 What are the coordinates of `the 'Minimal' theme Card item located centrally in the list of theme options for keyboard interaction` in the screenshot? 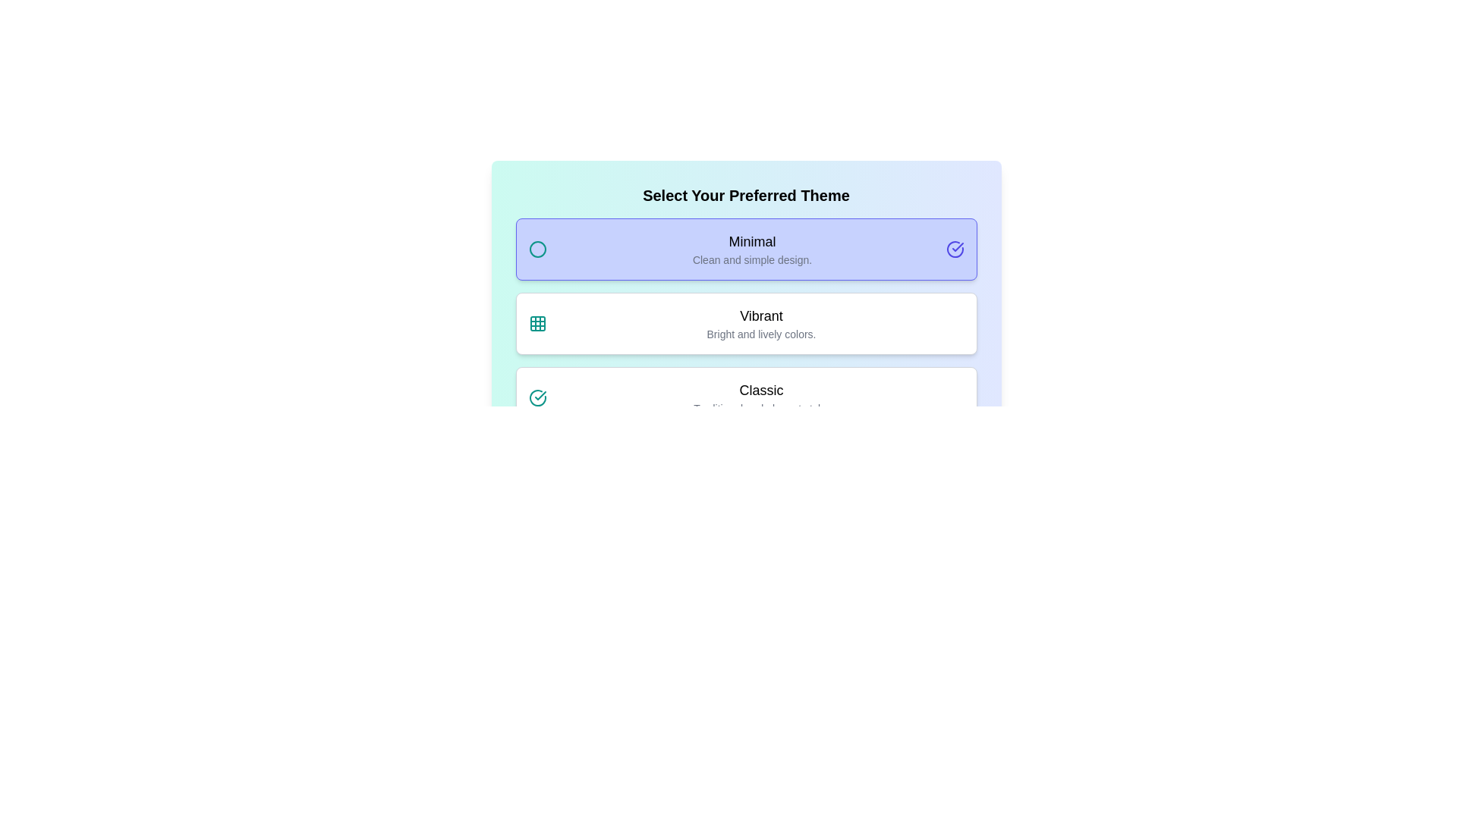 It's located at (752, 248).